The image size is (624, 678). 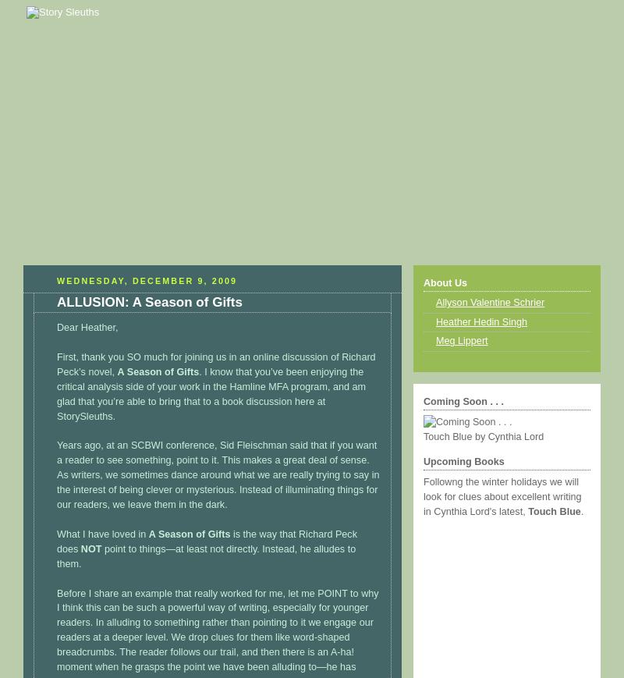 What do you see at coordinates (553, 512) in the screenshot?
I see `'Touch Blue'` at bounding box center [553, 512].